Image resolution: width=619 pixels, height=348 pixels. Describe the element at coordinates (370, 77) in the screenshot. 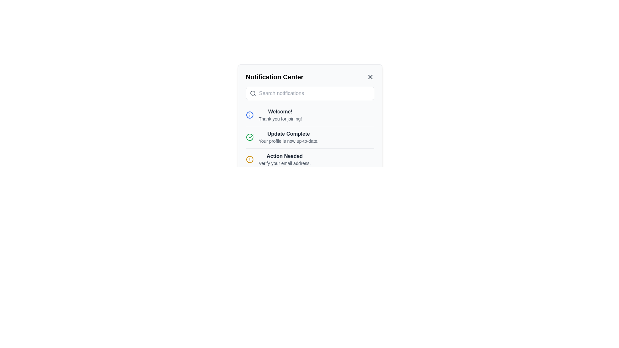

I see `the Close icon in the top-right corner of the notification panel` at that location.